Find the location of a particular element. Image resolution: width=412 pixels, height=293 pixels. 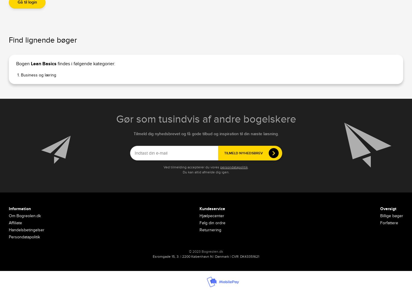

'Information' is located at coordinates (8, 208).